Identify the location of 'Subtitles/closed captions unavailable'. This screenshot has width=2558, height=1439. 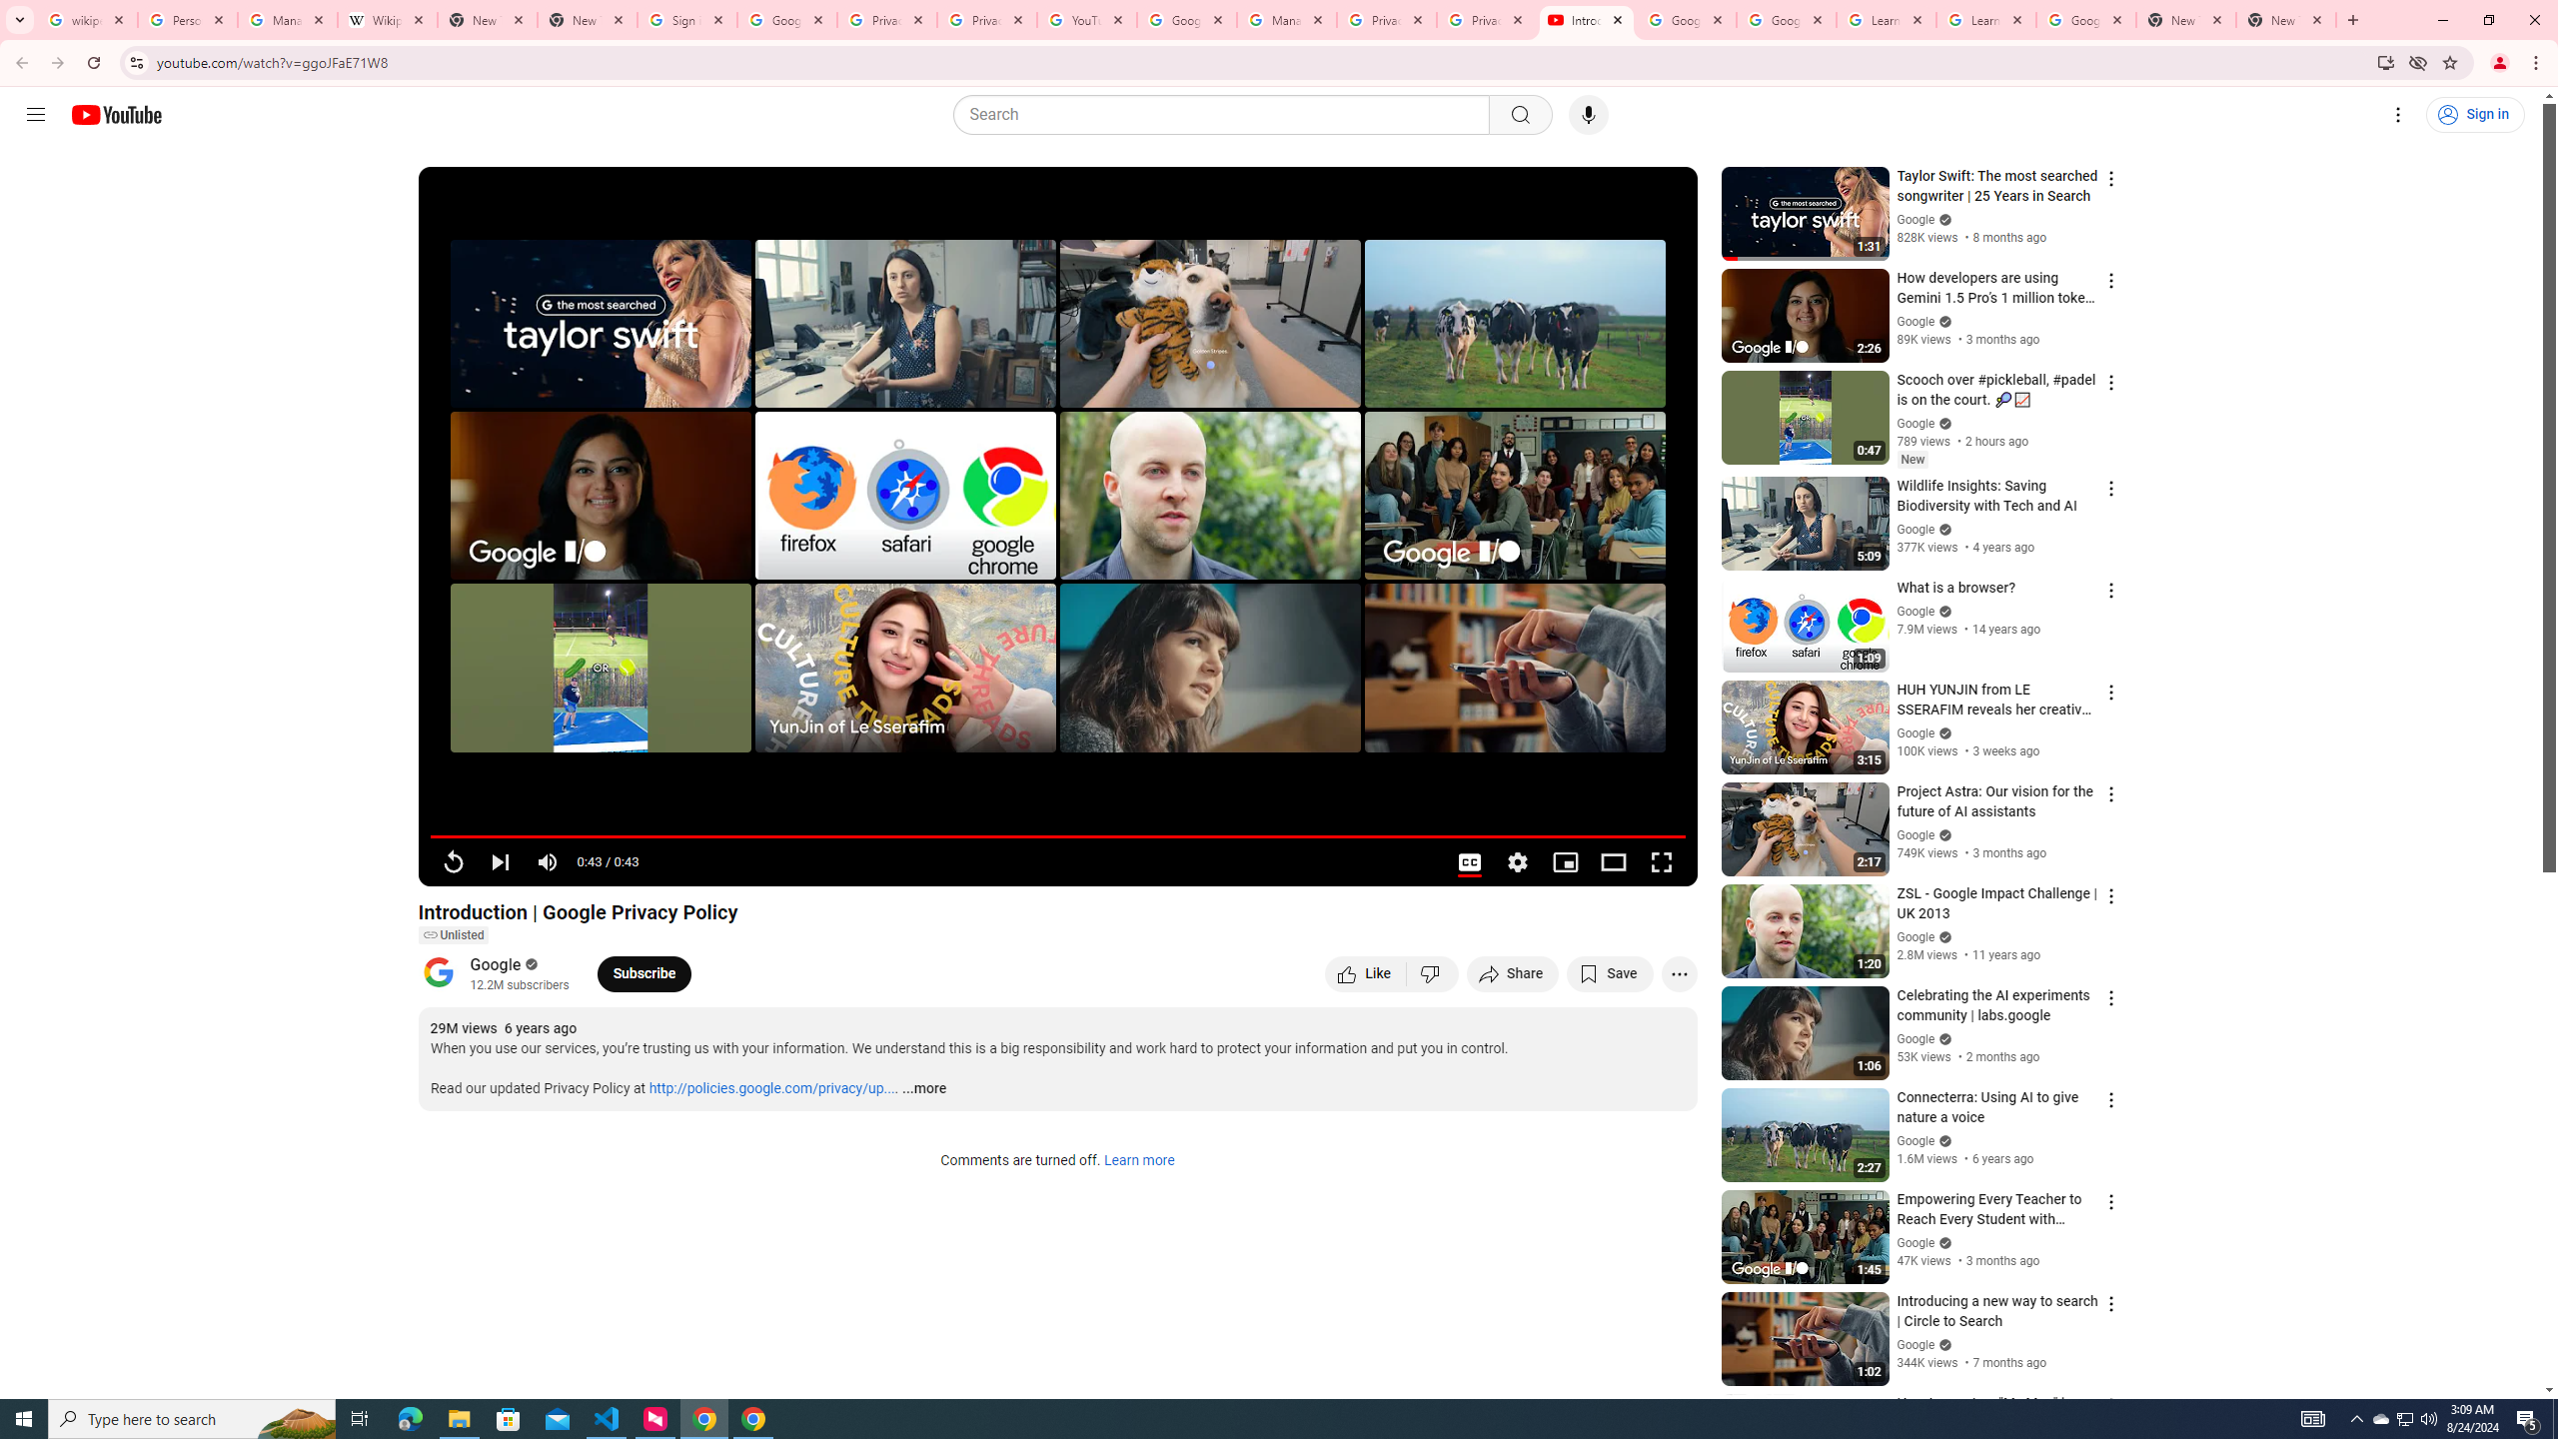
(1468, 861).